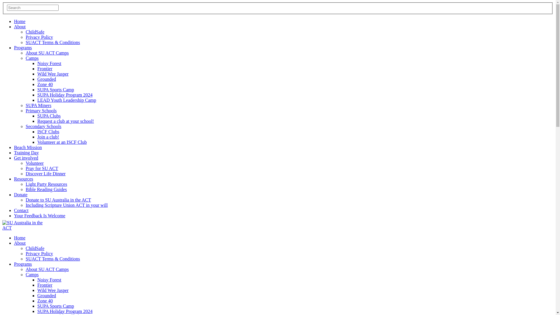  What do you see at coordinates (23, 47) in the screenshot?
I see `'Programs'` at bounding box center [23, 47].